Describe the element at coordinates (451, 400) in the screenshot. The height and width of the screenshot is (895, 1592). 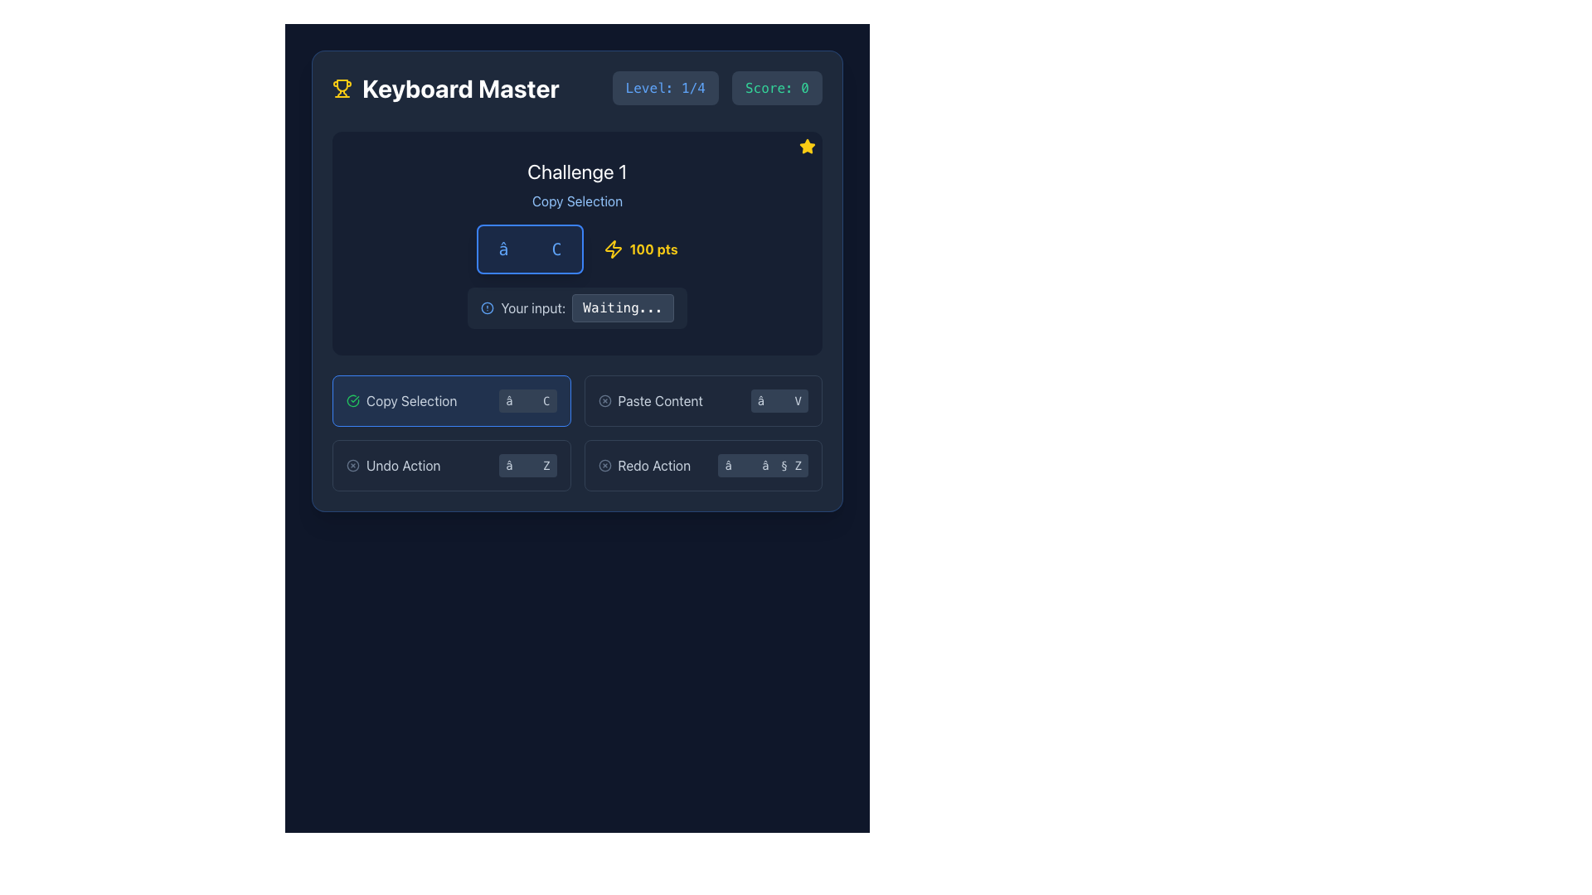
I see `the informative label that provides the keyboard shortcut for copying a selection, located centrally in the lower section of the interface` at that location.